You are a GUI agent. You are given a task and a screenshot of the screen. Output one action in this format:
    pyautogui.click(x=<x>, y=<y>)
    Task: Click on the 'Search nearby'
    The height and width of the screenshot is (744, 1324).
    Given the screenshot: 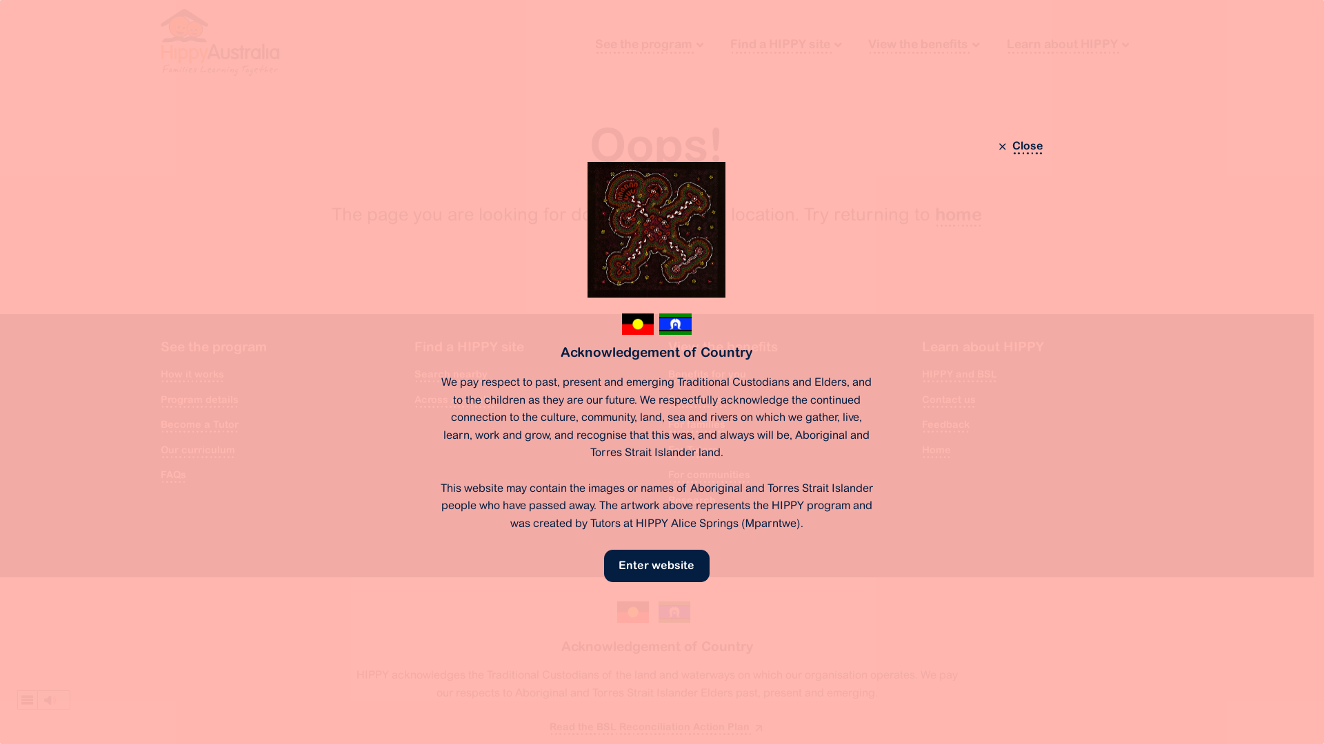 What is the action you would take?
    pyautogui.click(x=413, y=374)
    